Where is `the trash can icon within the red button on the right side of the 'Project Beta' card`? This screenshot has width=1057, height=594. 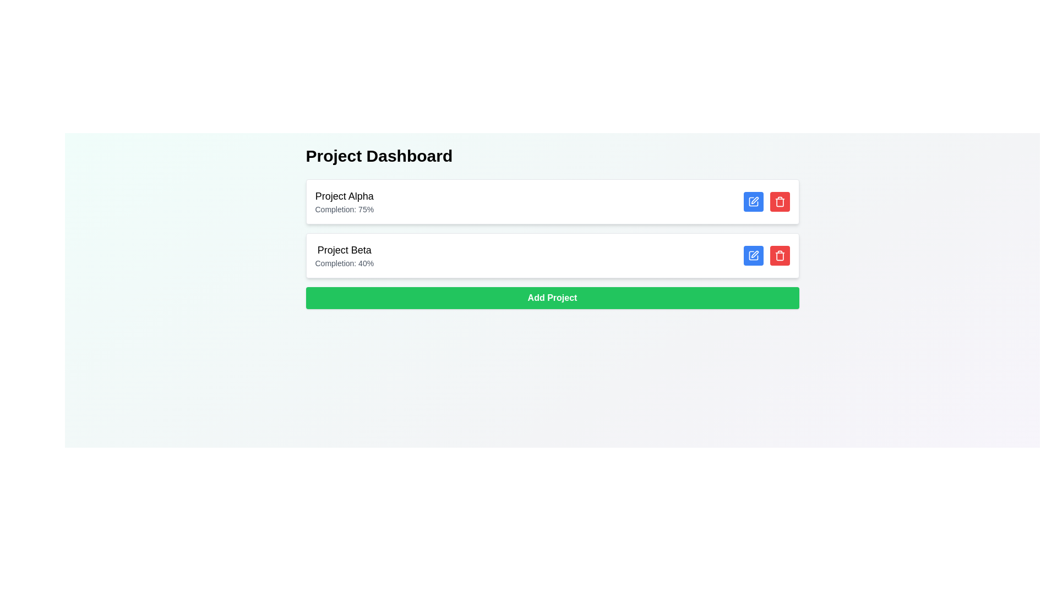
the trash can icon within the red button on the right side of the 'Project Beta' card is located at coordinates (779, 201).